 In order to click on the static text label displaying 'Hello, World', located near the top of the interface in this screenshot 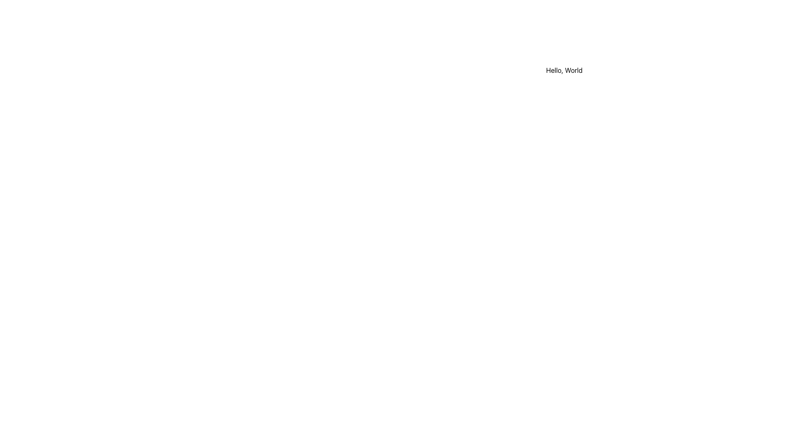, I will do `click(564, 70)`.